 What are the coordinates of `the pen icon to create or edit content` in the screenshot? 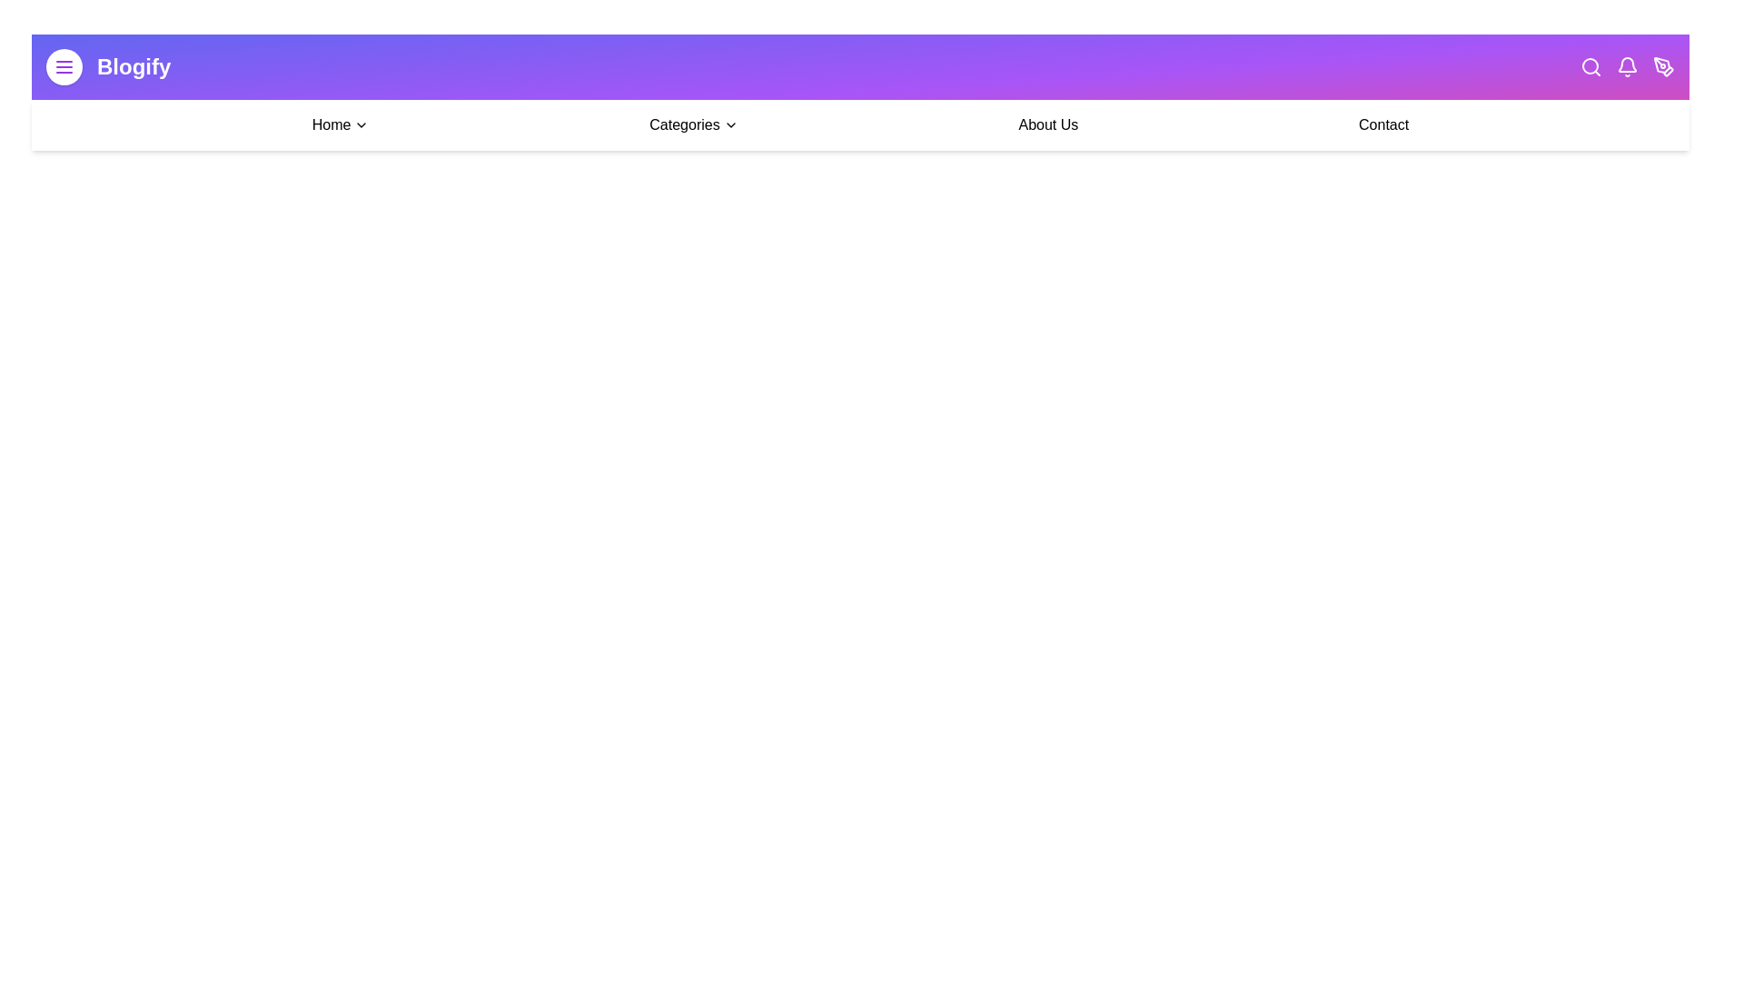 It's located at (1664, 65).